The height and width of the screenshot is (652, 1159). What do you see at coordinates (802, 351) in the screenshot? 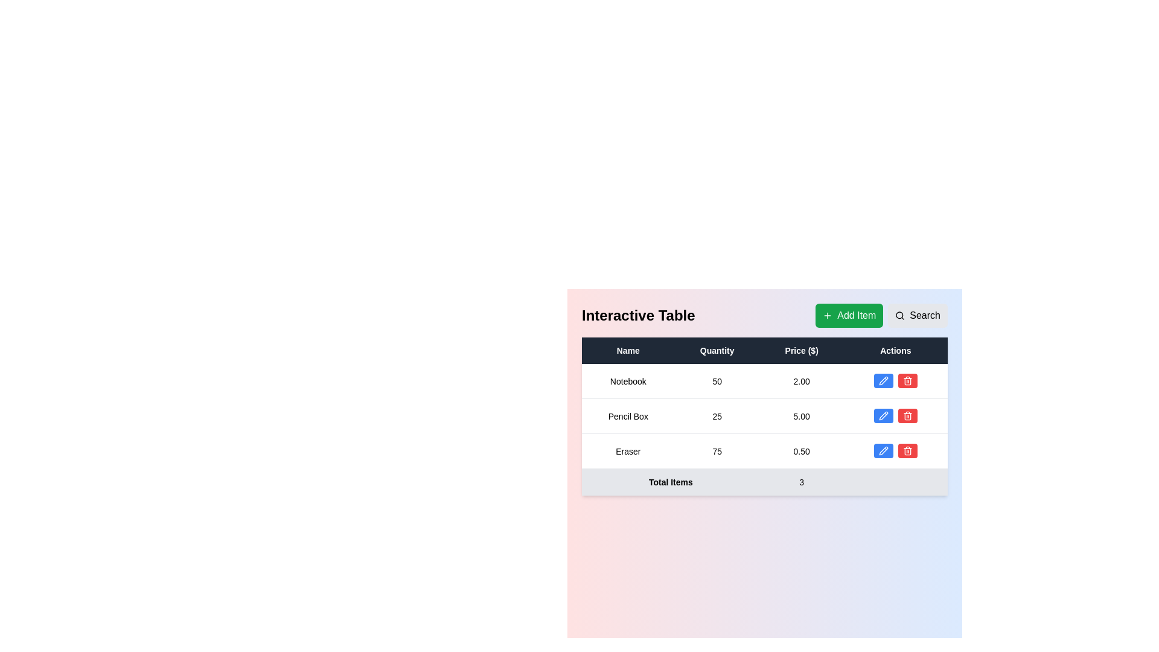
I see `the third column header in the table, which indicates prices measured in dollars, located between the 'Quantity' and 'Actions' columns` at bounding box center [802, 351].